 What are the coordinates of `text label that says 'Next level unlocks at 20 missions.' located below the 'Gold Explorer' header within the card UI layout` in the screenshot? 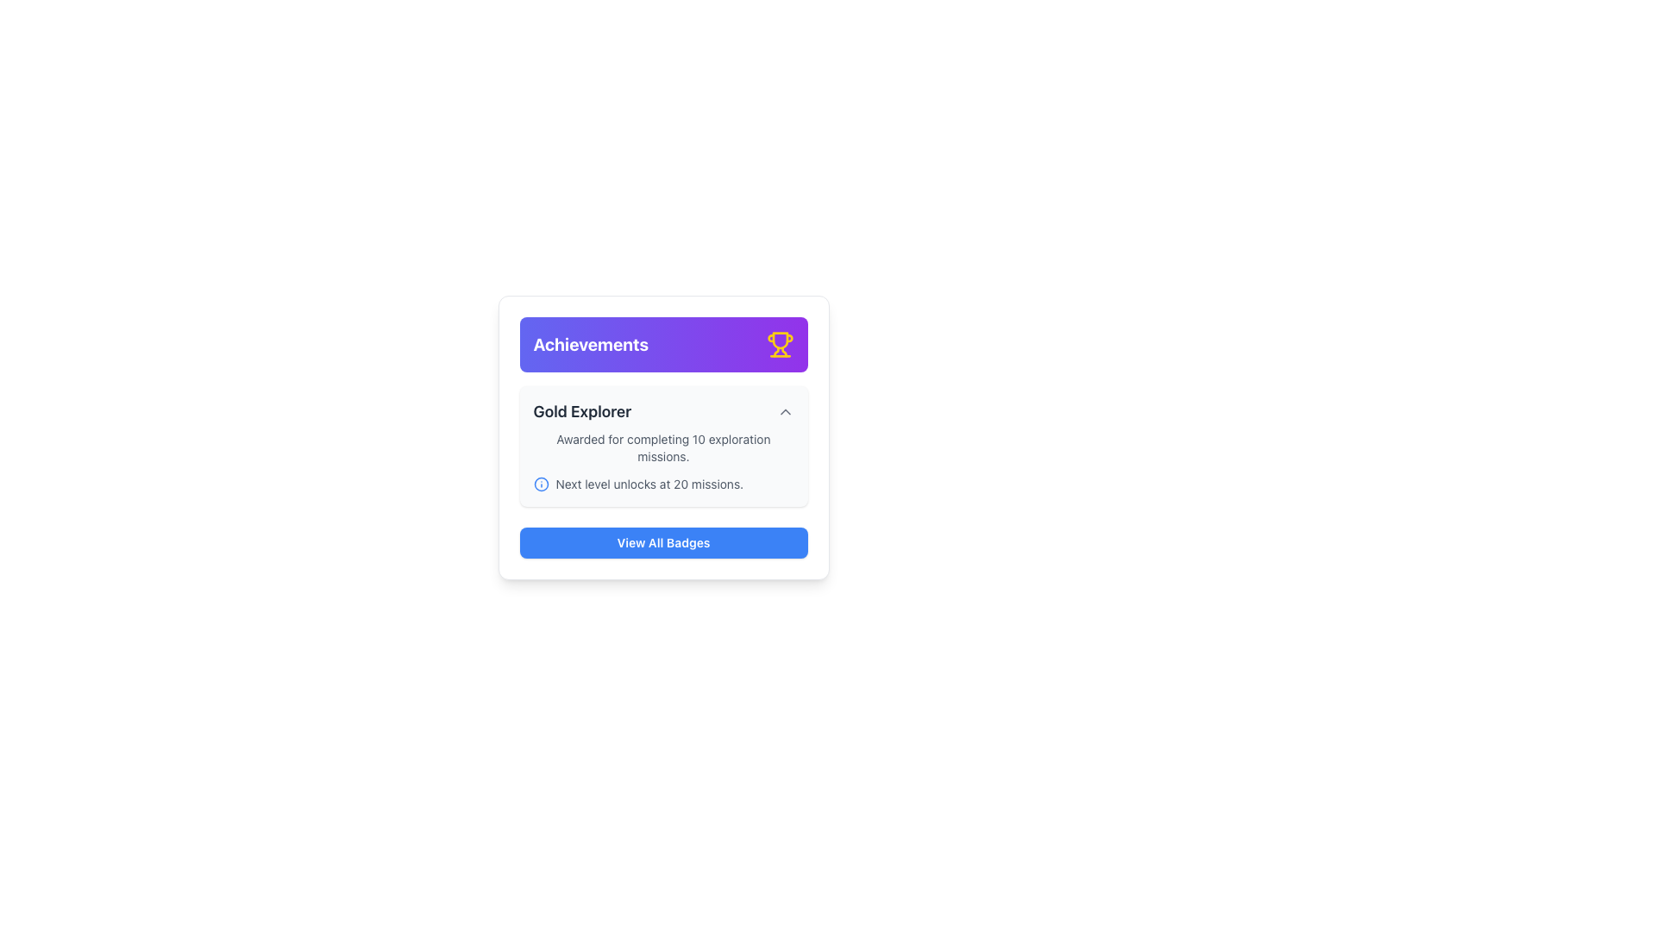 It's located at (649, 484).